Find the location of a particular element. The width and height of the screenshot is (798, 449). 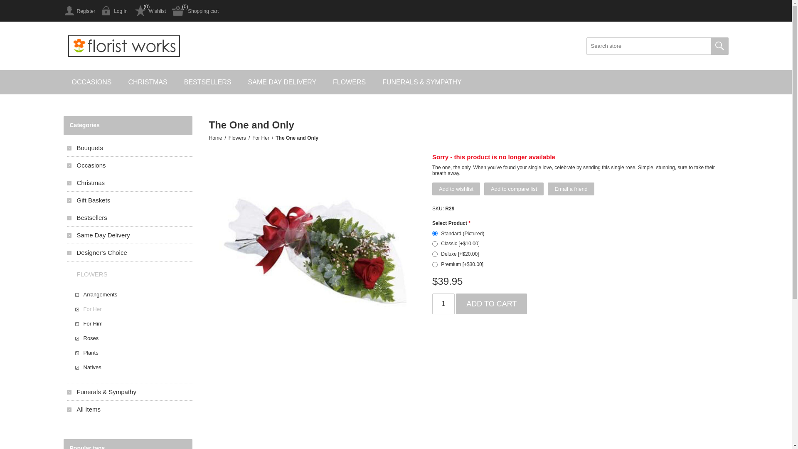

'For Her' is located at coordinates (260, 137).